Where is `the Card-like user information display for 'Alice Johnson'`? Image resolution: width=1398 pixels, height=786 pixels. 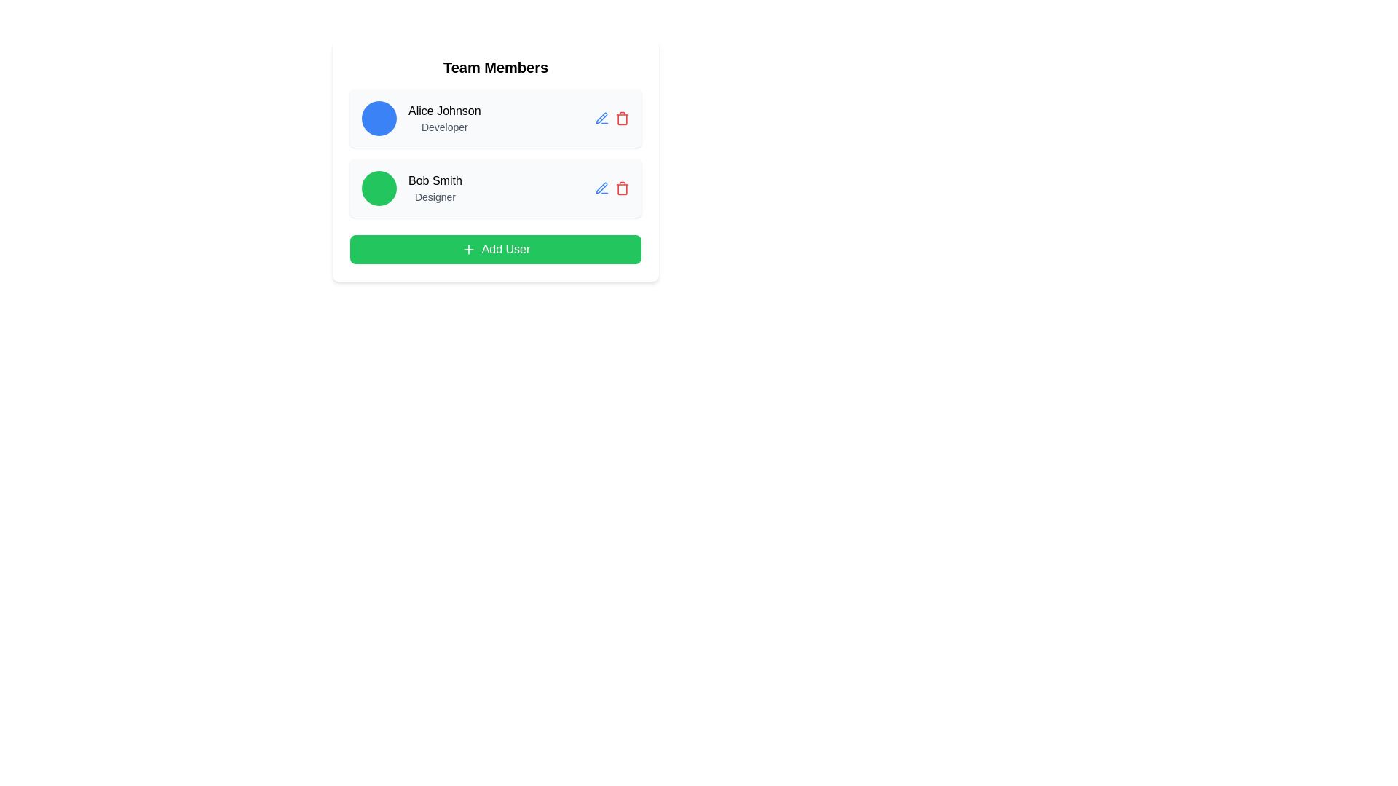 the Card-like user information display for 'Alice Johnson' is located at coordinates (496, 117).